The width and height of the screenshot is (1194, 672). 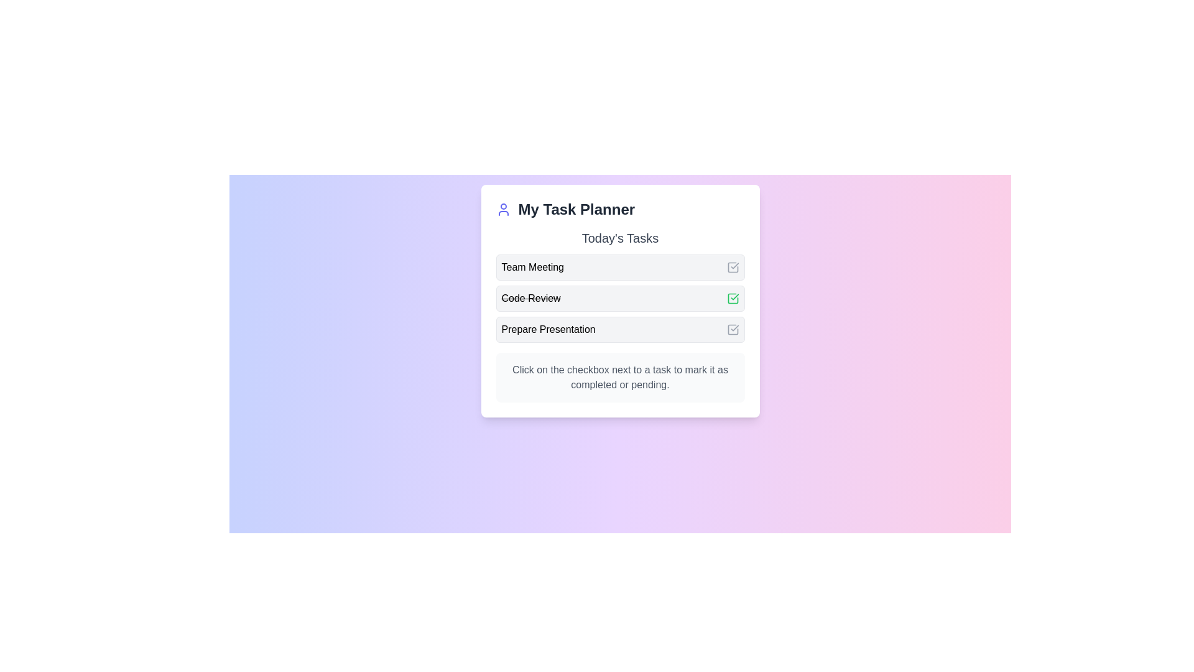 I want to click on task description for the item labeled 'Prepare Presentation' which is a light gray rectangular area with a checkbox on the right side, so click(x=620, y=329).